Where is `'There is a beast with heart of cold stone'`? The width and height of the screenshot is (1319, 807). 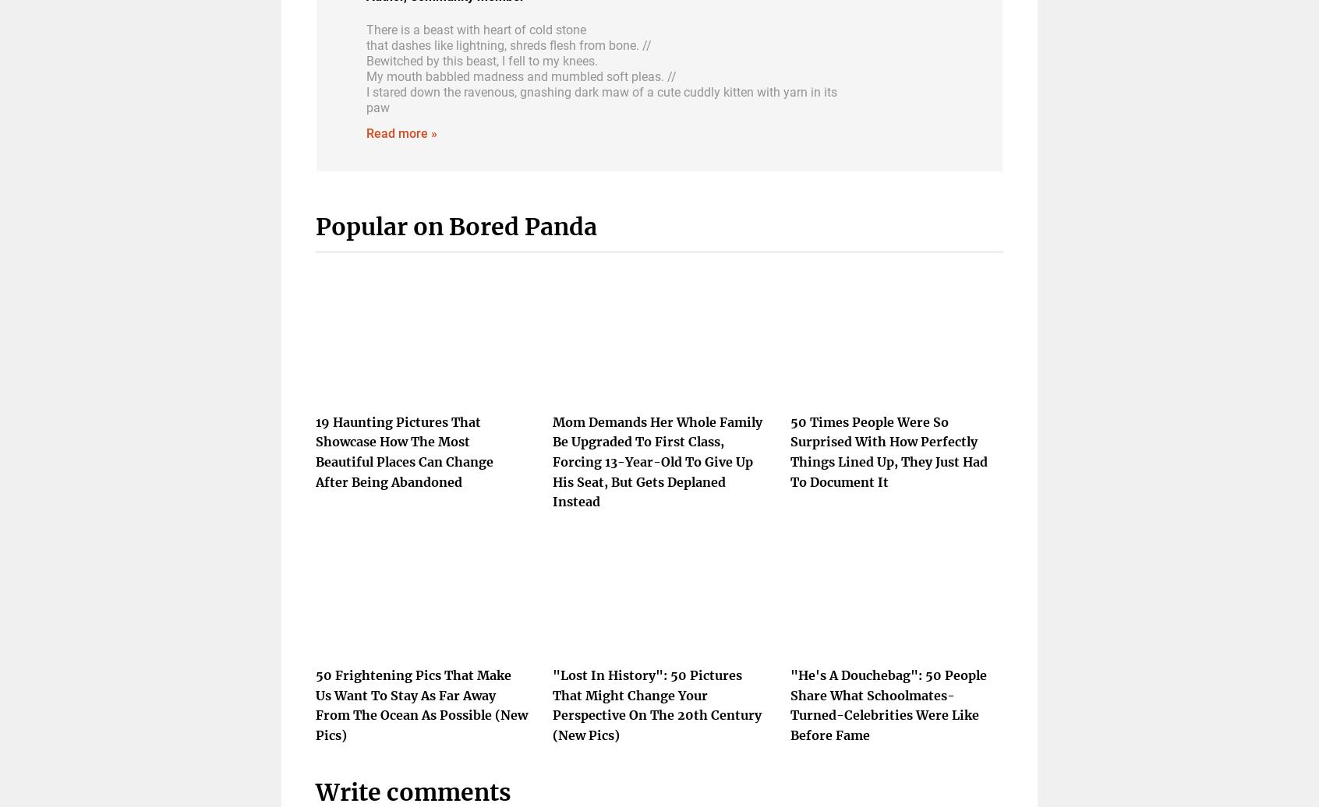 'There is a beast with heart of cold stone' is located at coordinates (475, 28).